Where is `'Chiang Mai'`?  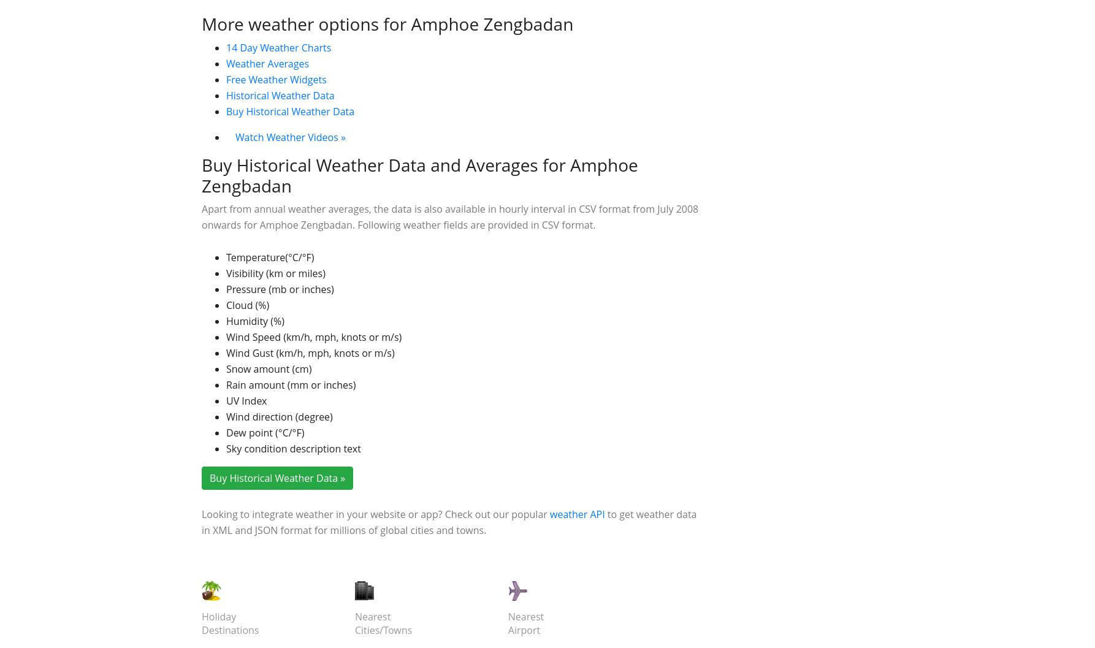 'Chiang Mai' is located at coordinates (276, 85).